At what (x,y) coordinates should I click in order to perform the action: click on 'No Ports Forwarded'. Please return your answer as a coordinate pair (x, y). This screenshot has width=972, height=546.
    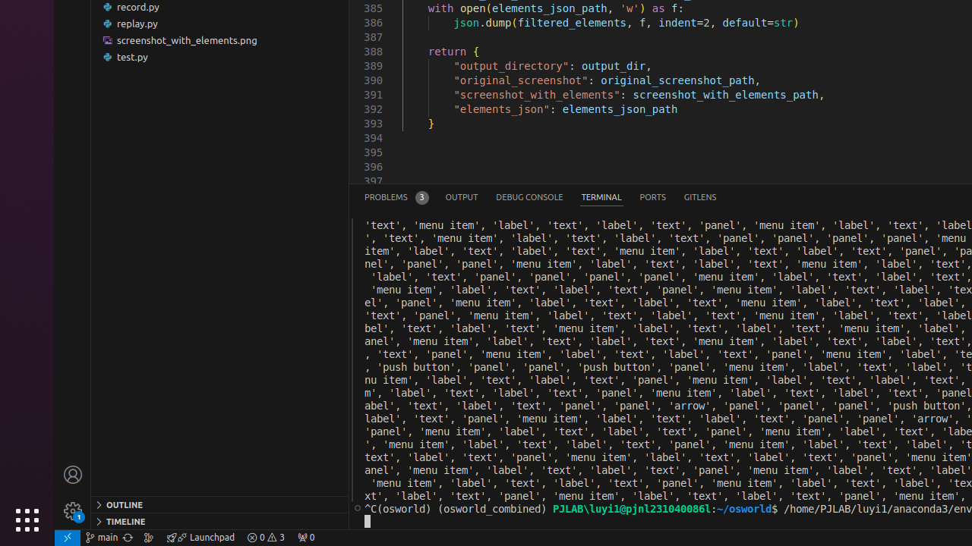
    Looking at the image, I should click on (305, 536).